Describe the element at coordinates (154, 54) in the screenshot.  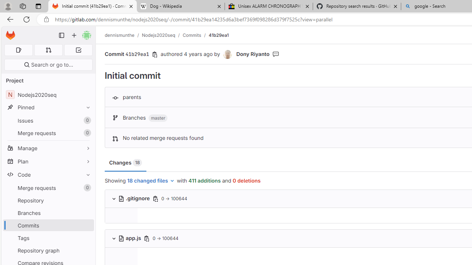
I see `'Copy commit SHA'` at that location.